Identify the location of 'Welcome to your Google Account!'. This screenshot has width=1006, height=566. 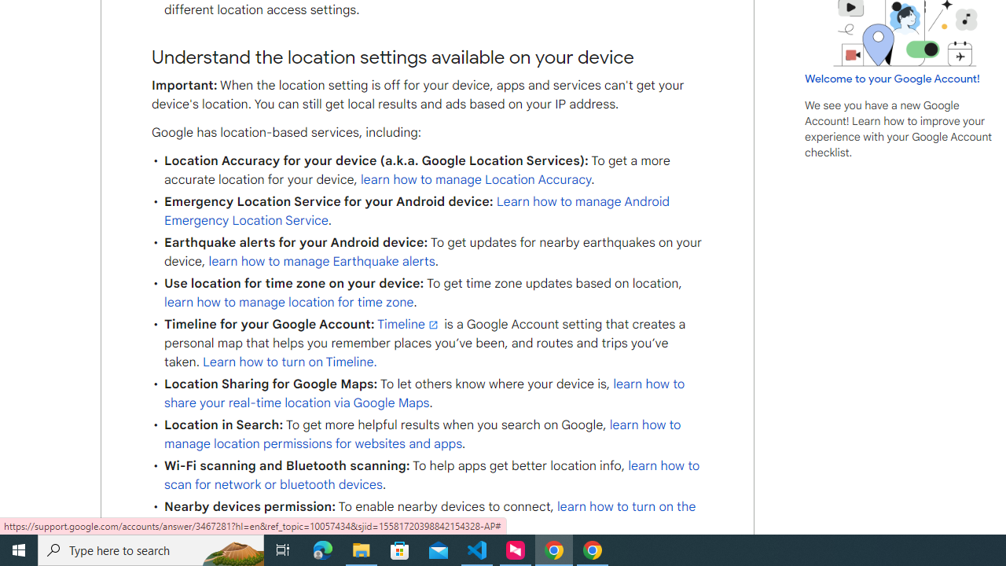
(892, 78).